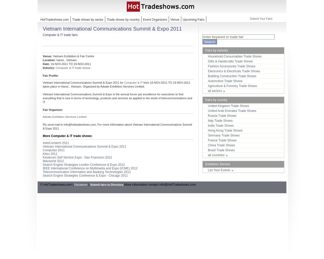  I want to click on '16-NOV-2011 TO 19-NOV-2011', so click(70, 64).